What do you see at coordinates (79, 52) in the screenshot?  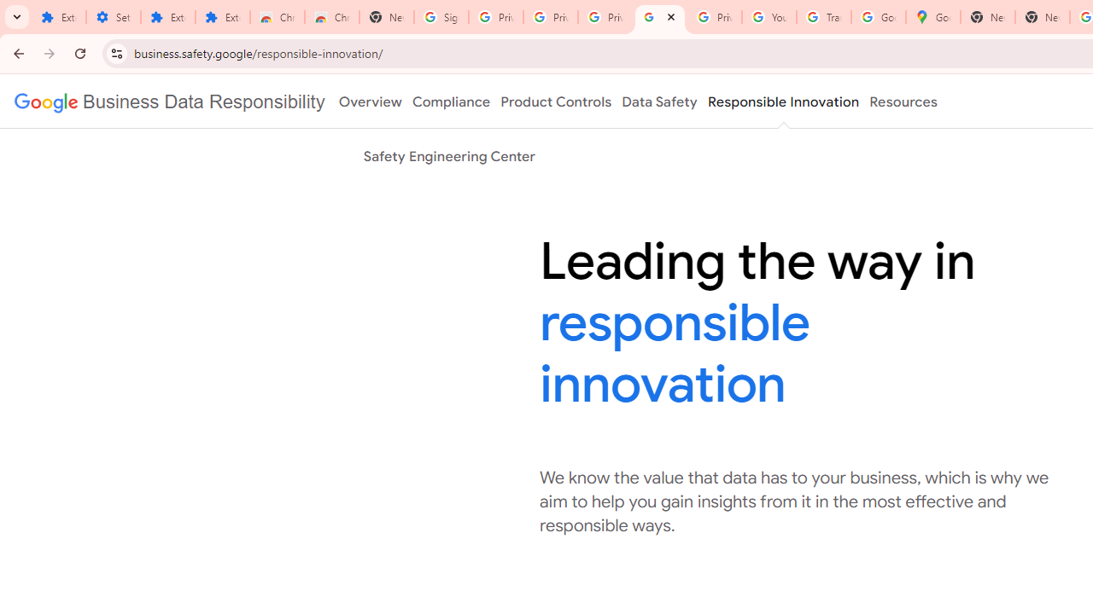 I see `'Reload'` at bounding box center [79, 52].